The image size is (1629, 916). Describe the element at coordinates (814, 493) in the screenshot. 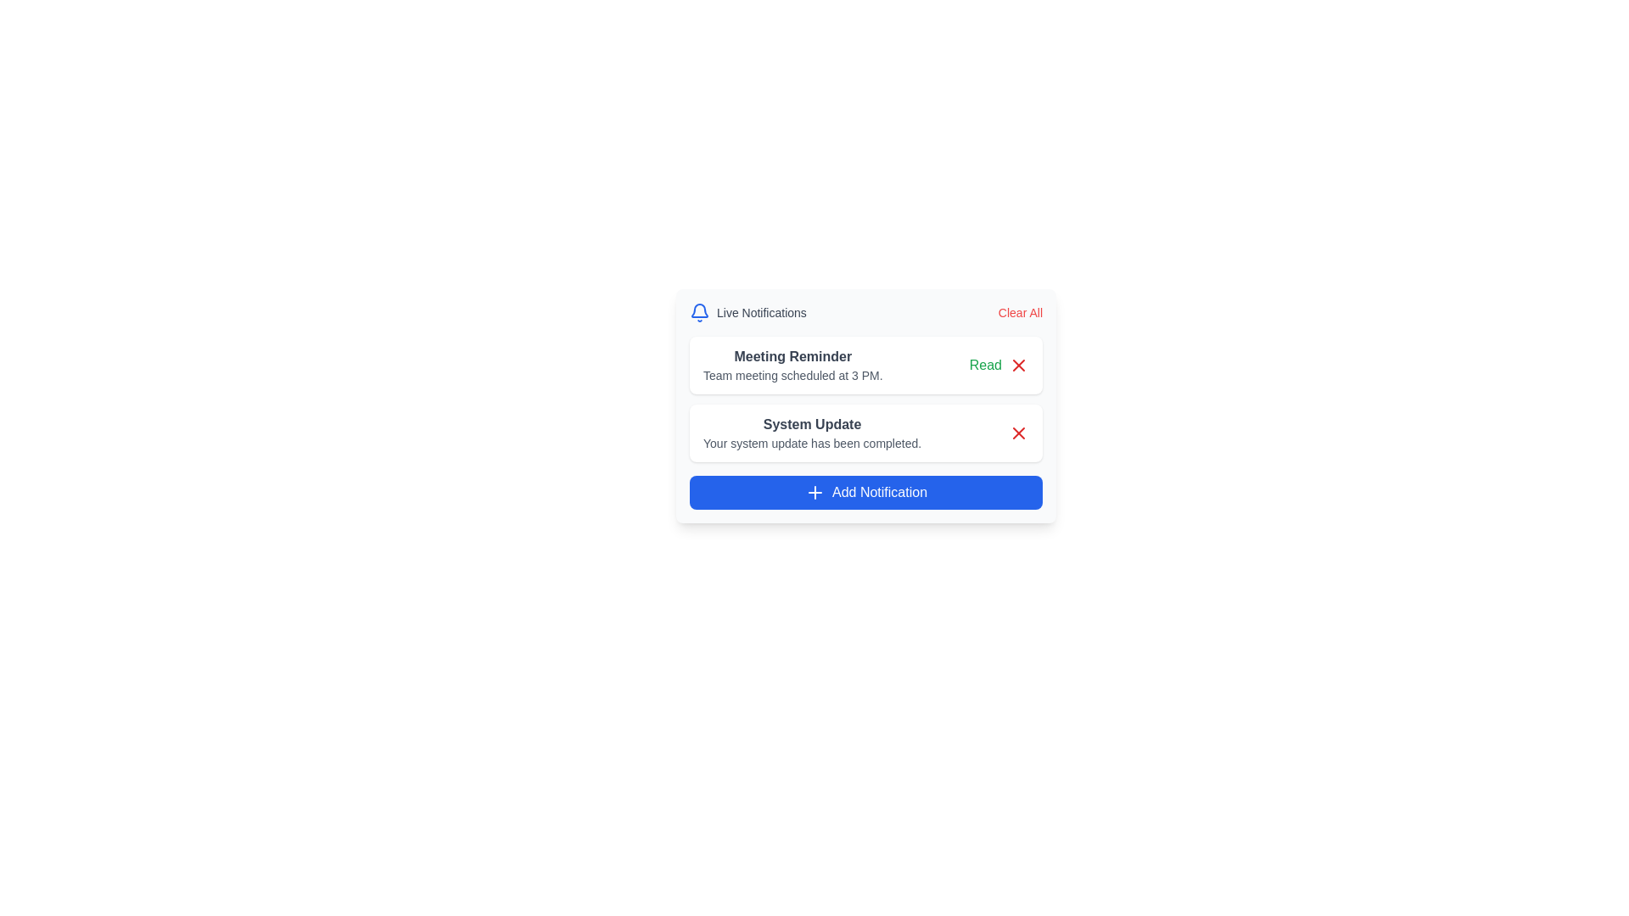

I see `the 'add' icon located within the 'Add Notification' button in the notification panel` at that location.